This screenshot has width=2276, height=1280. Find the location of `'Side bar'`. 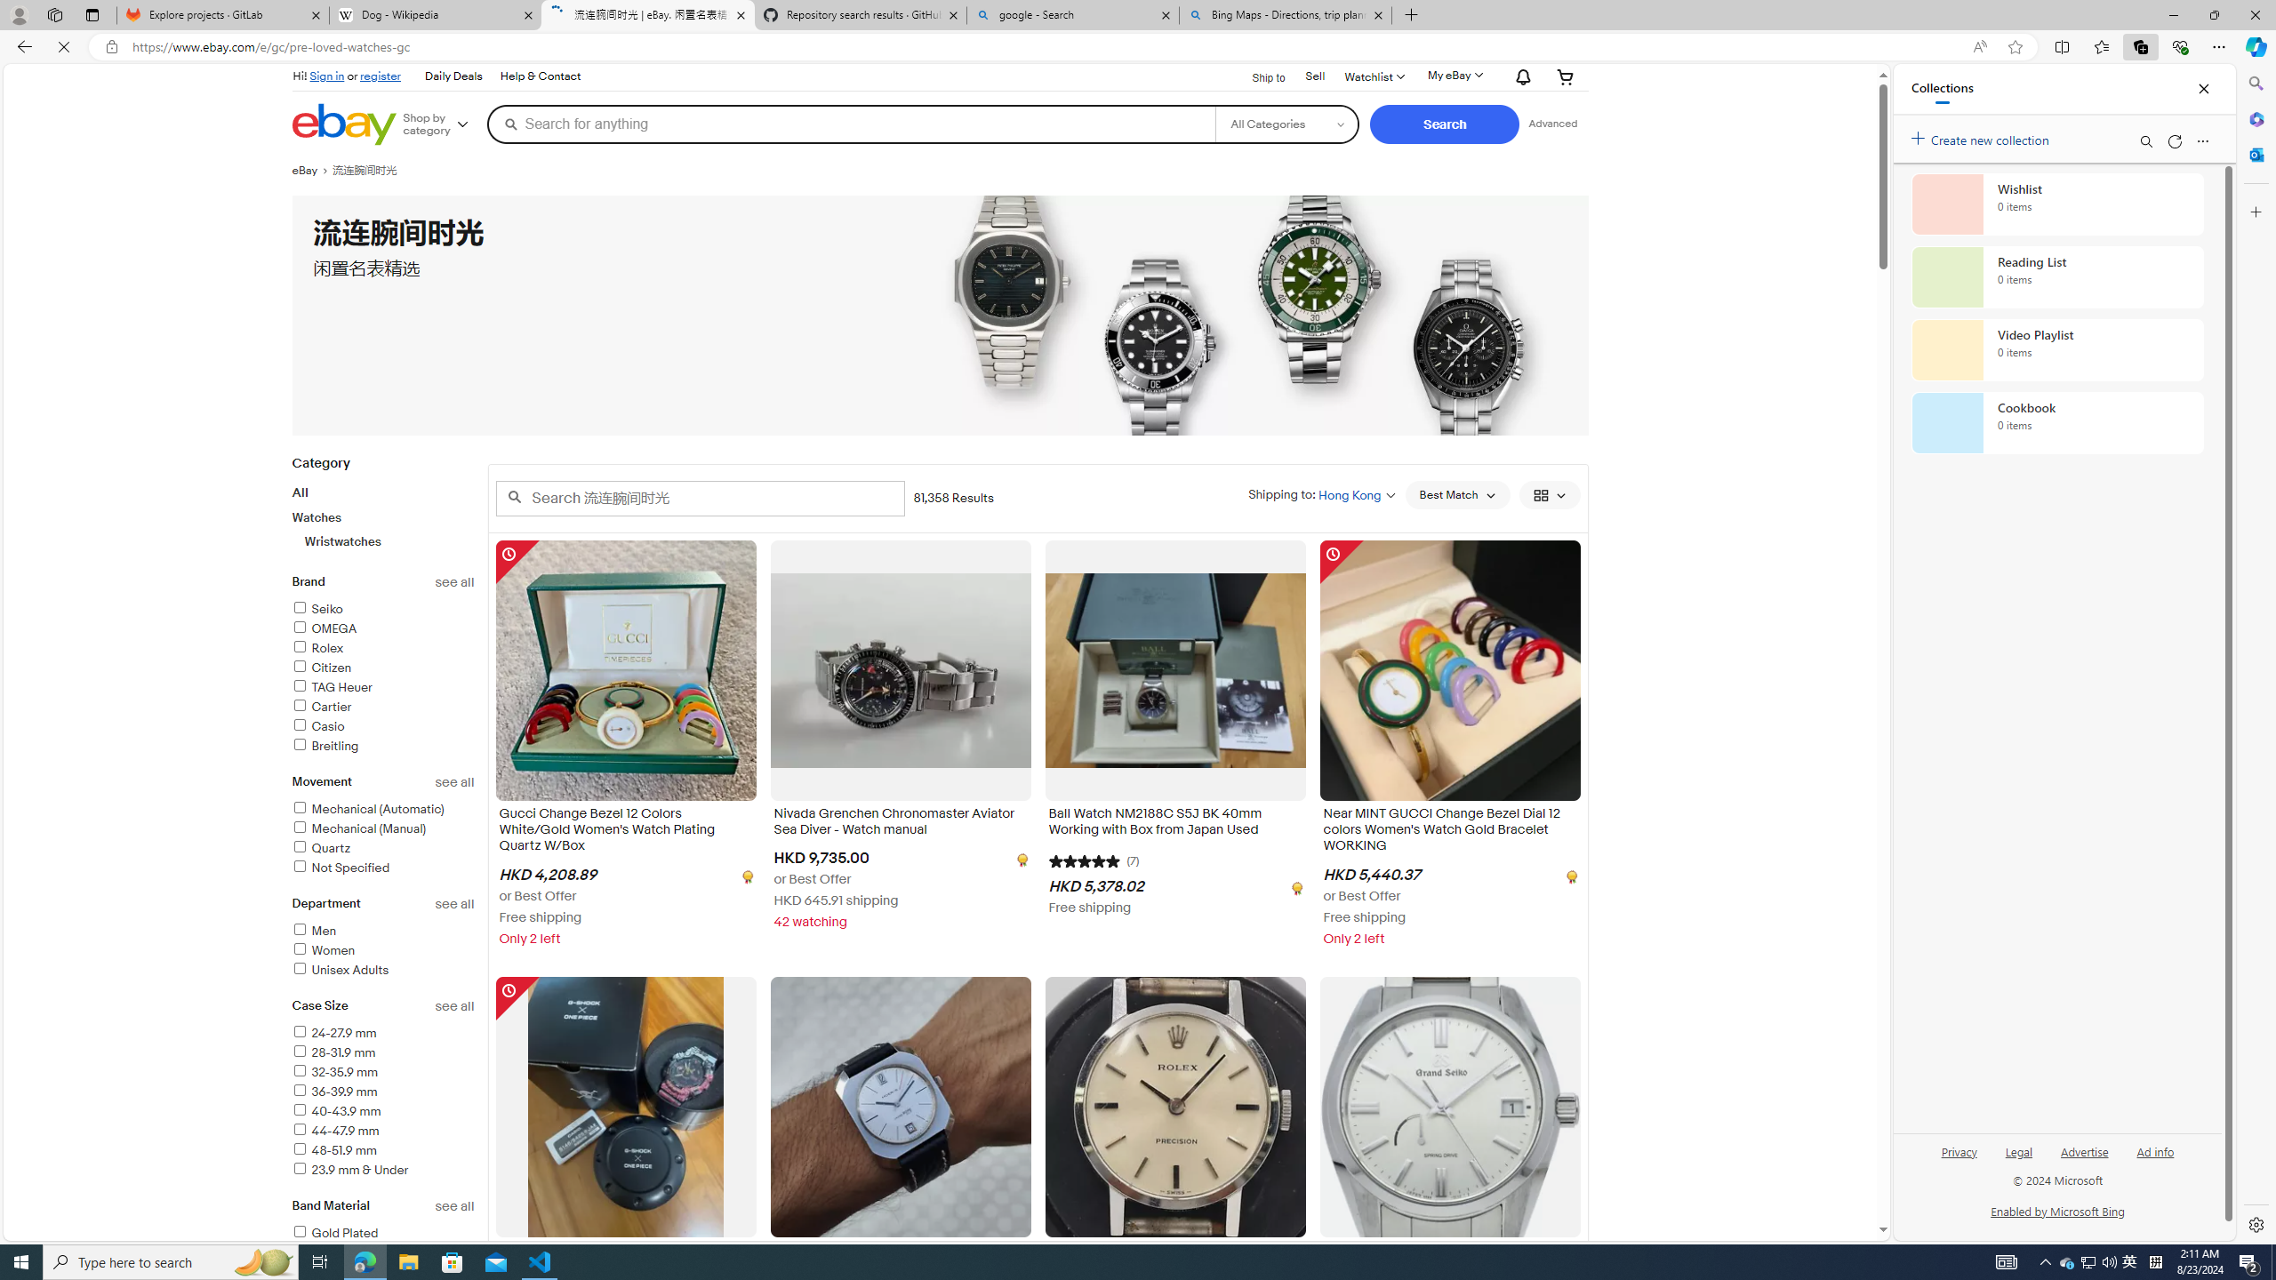

'Side bar' is located at coordinates (2256, 653).